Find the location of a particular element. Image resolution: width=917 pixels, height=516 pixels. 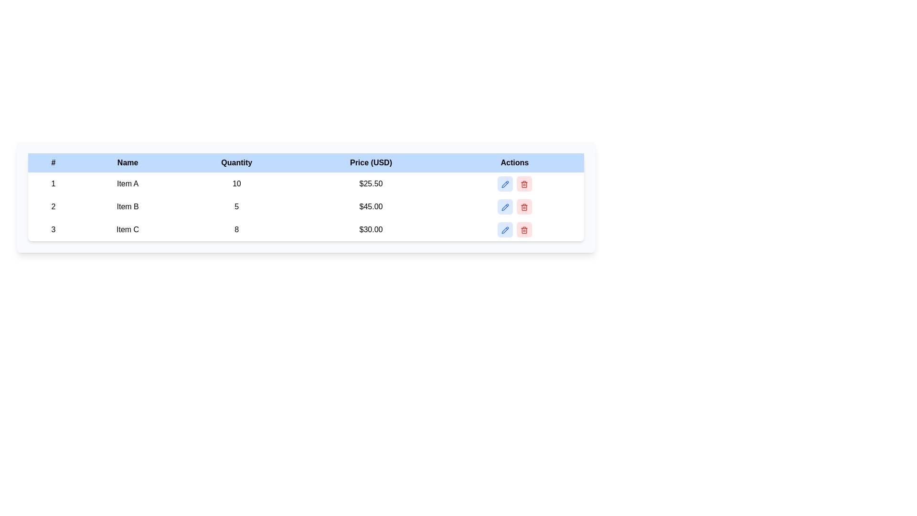

the Text display element that shows the number '3', which is part of a tabular layout representing the third entry ('Item C') within the table is located at coordinates (53, 230).